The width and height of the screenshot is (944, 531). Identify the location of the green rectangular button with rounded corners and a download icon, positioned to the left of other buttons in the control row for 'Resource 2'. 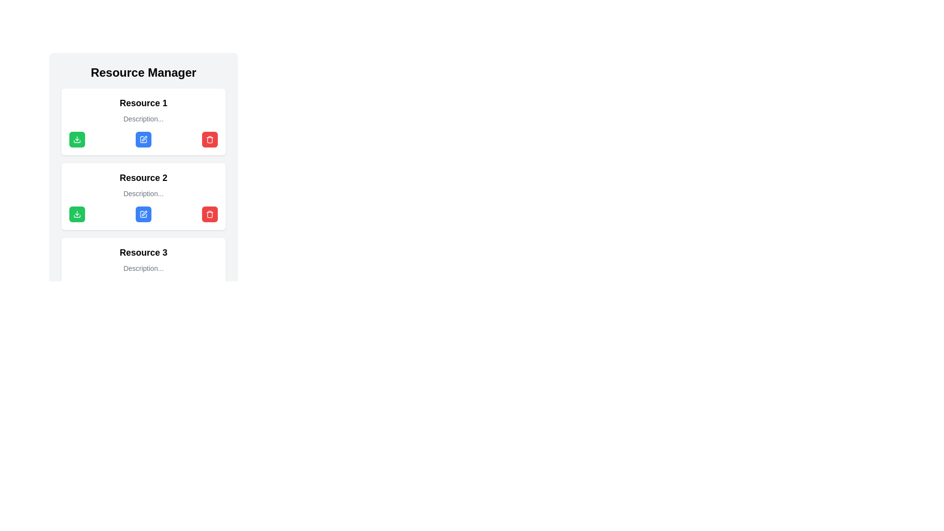
(77, 213).